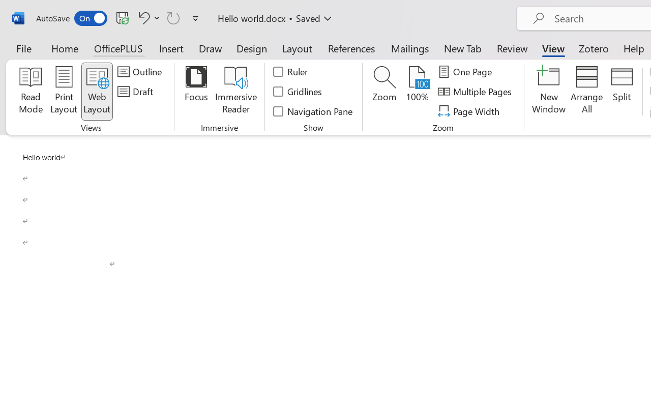 Image resolution: width=651 pixels, height=407 pixels. I want to click on 'Draft', so click(136, 91).